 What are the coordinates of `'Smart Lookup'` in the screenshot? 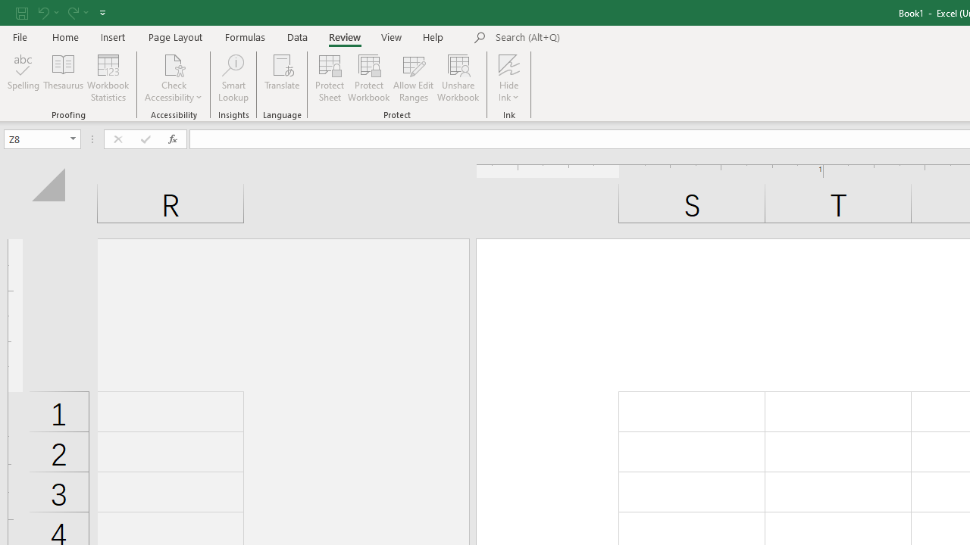 It's located at (233, 78).